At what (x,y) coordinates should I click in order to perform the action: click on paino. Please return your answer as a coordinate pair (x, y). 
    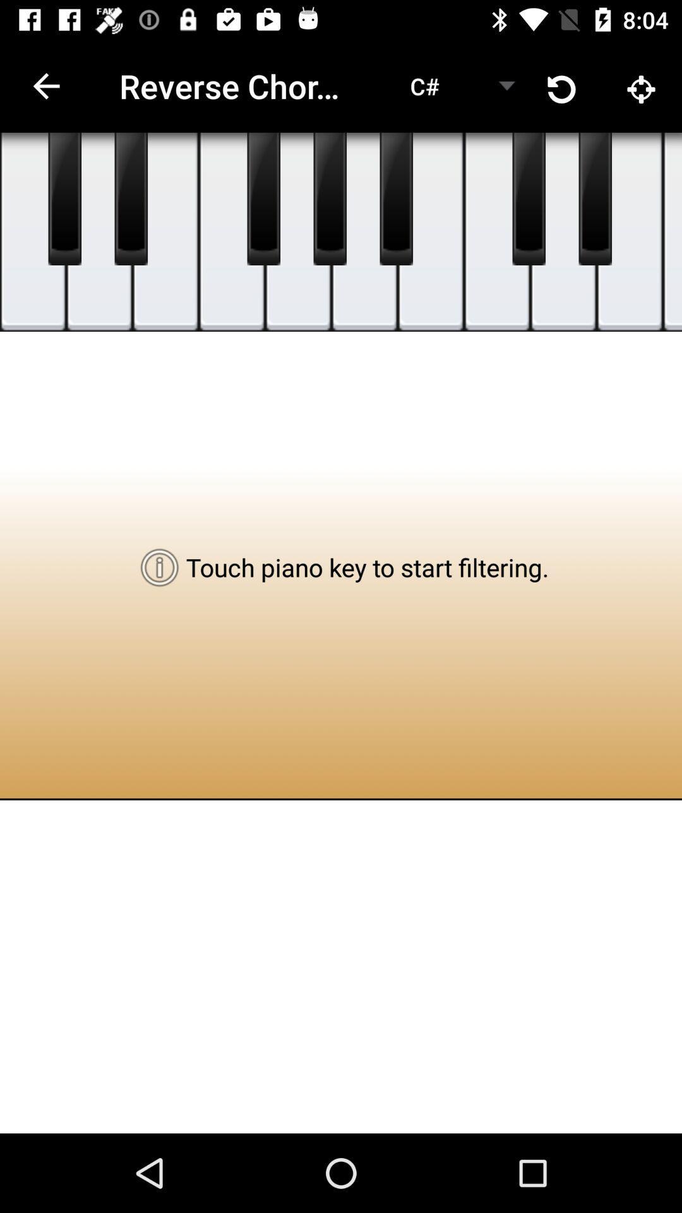
    Looking at the image, I should click on (99, 232).